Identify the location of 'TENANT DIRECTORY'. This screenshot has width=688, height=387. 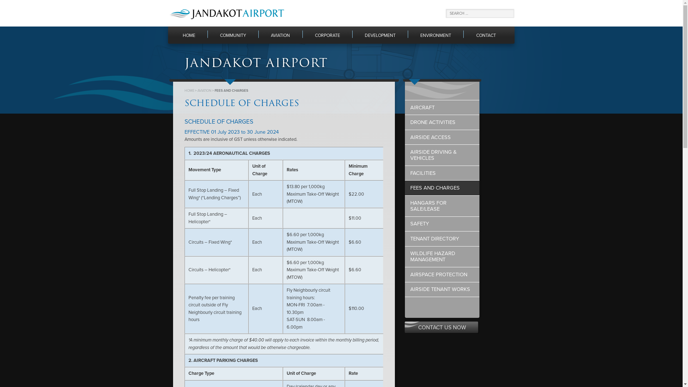
(441, 239).